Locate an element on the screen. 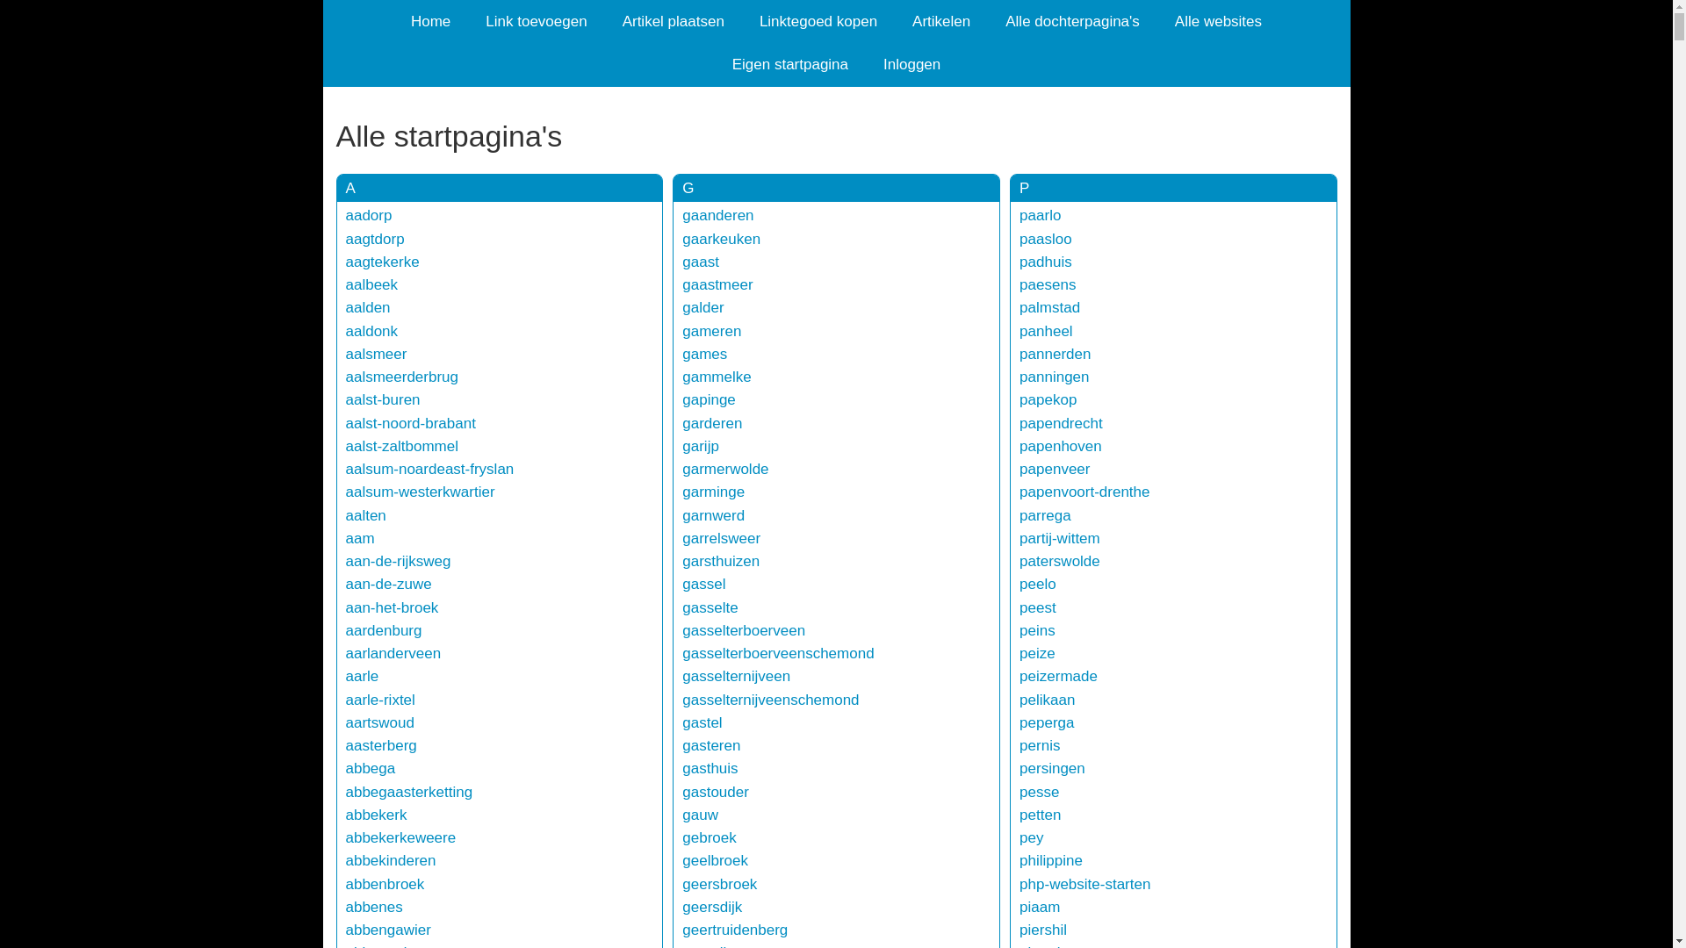  'aarle' is located at coordinates (361, 675).